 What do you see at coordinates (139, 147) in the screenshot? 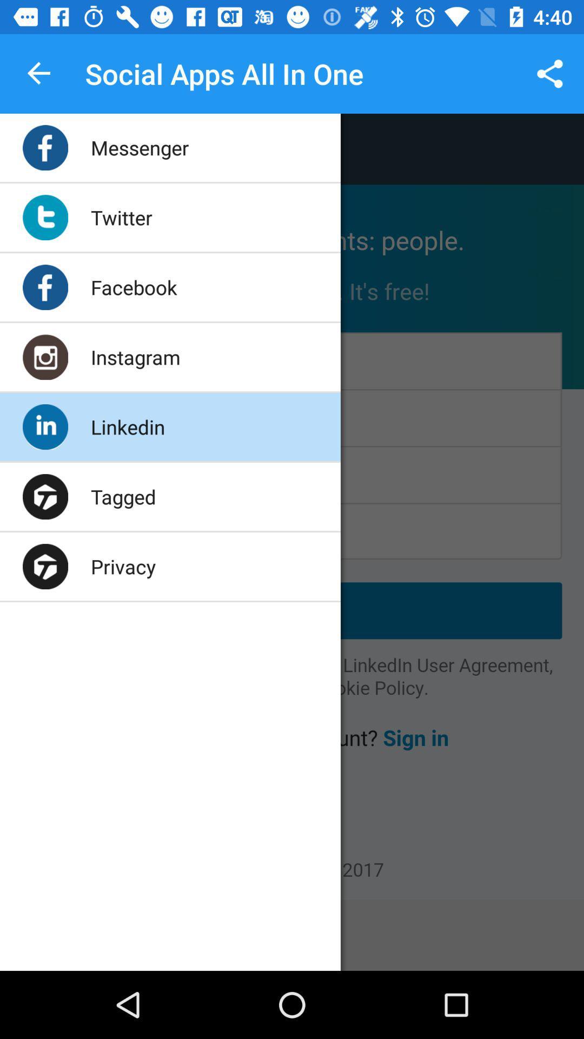
I see `messenger item` at bounding box center [139, 147].